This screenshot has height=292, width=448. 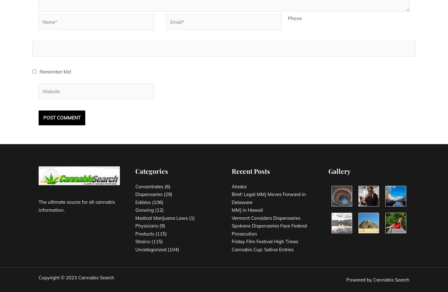 What do you see at coordinates (146, 225) in the screenshot?
I see `'Physicians'` at bounding box center [146, 225].